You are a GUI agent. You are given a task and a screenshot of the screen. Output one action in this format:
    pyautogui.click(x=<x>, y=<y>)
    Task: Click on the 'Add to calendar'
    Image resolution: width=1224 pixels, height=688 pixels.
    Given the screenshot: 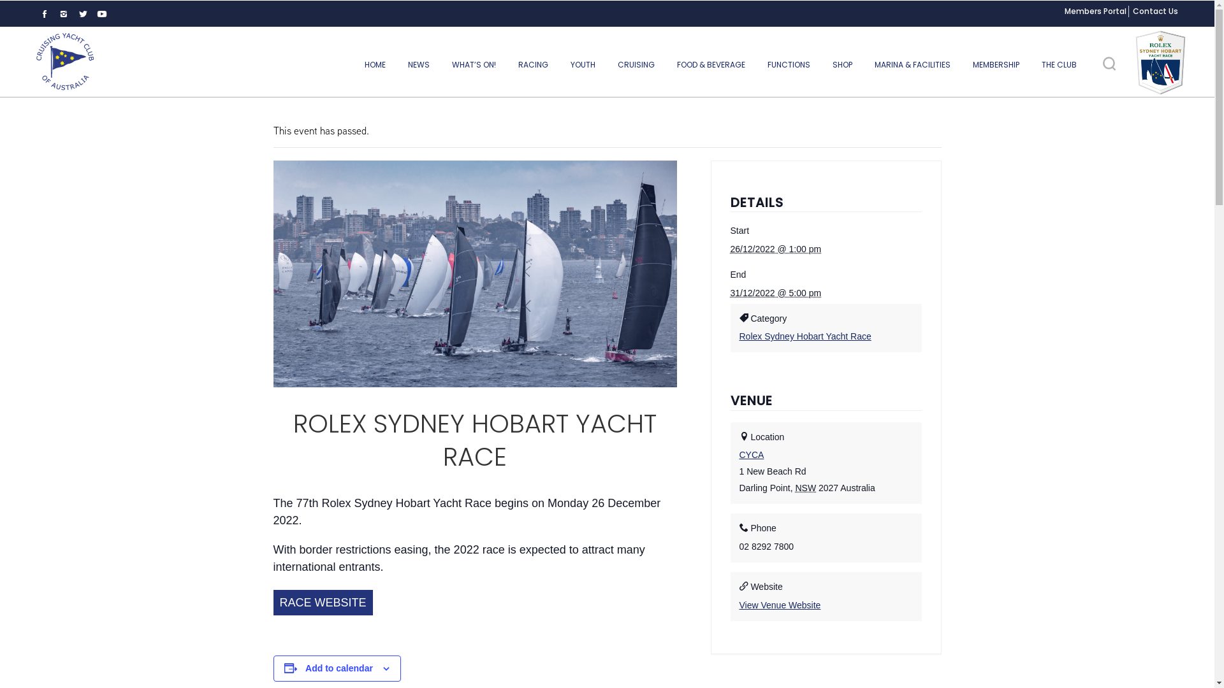 What is the action you would take?
    pyautogui.click(x=305, y=668)
    